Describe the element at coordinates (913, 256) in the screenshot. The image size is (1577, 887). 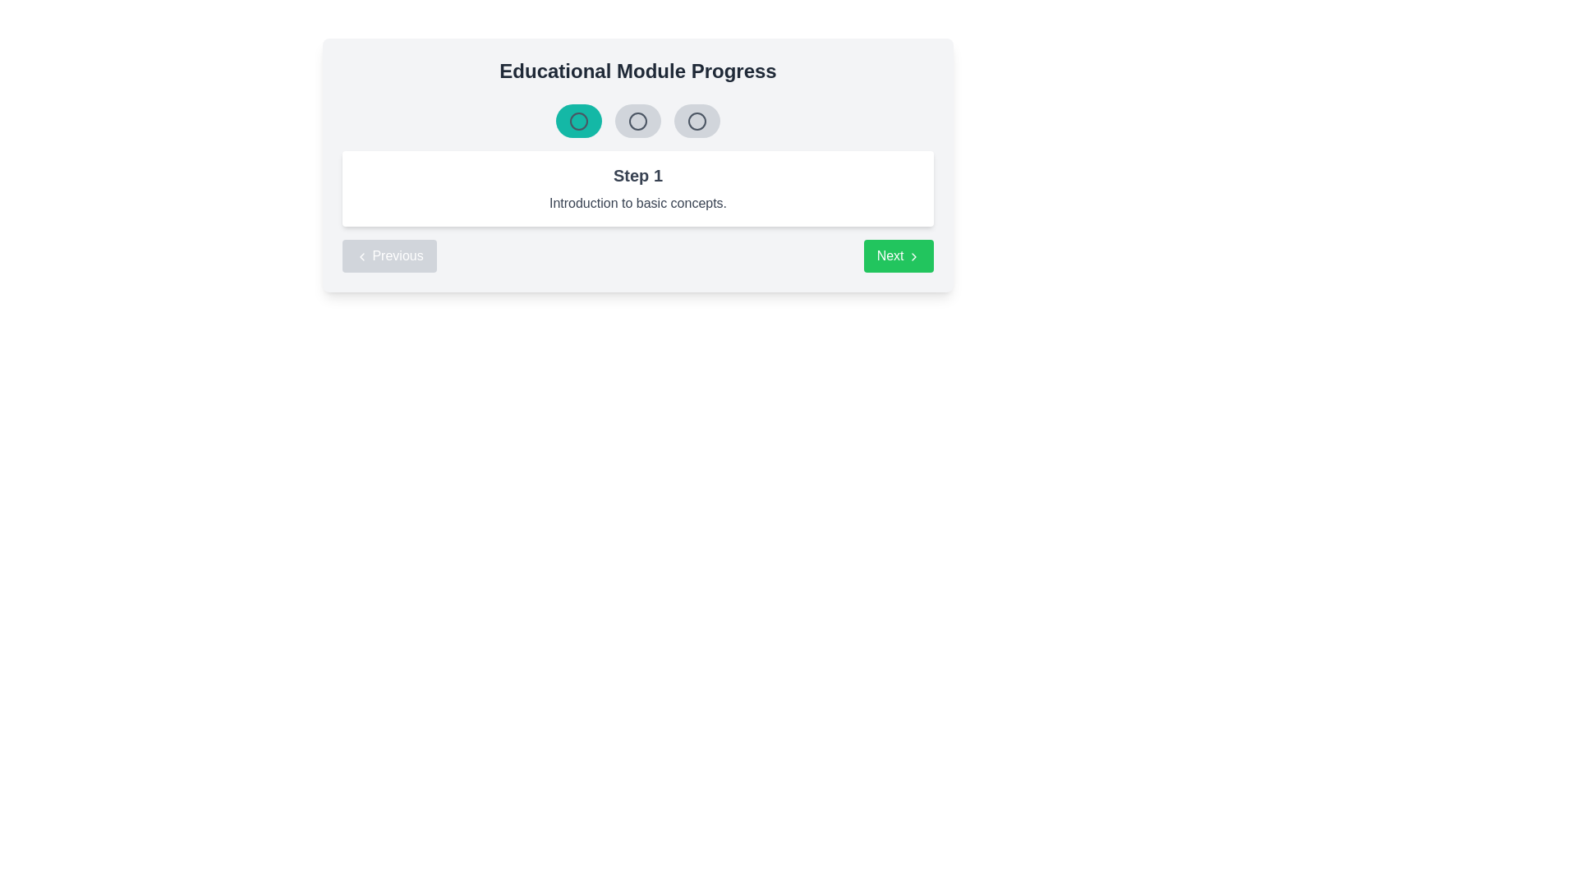
I see `the small right-facing chevron icon styled as an SVG element located inside the green 'Next' button, positioned at the bottom-right corner of the layout for visual guidance` at that location.